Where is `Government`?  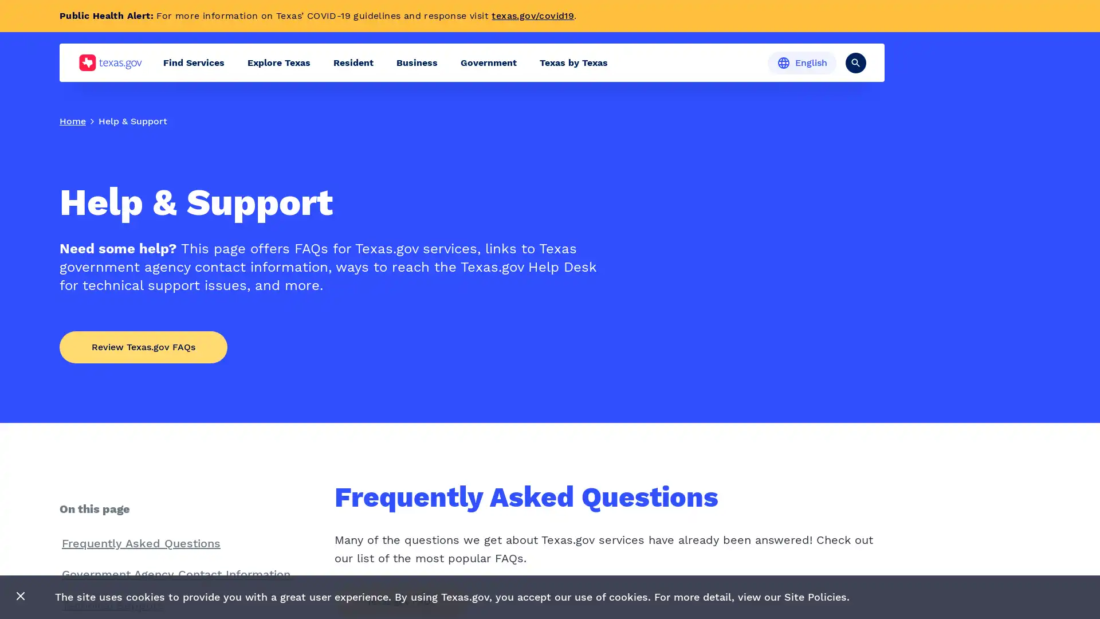 Government is located at coordinates (489, 62).